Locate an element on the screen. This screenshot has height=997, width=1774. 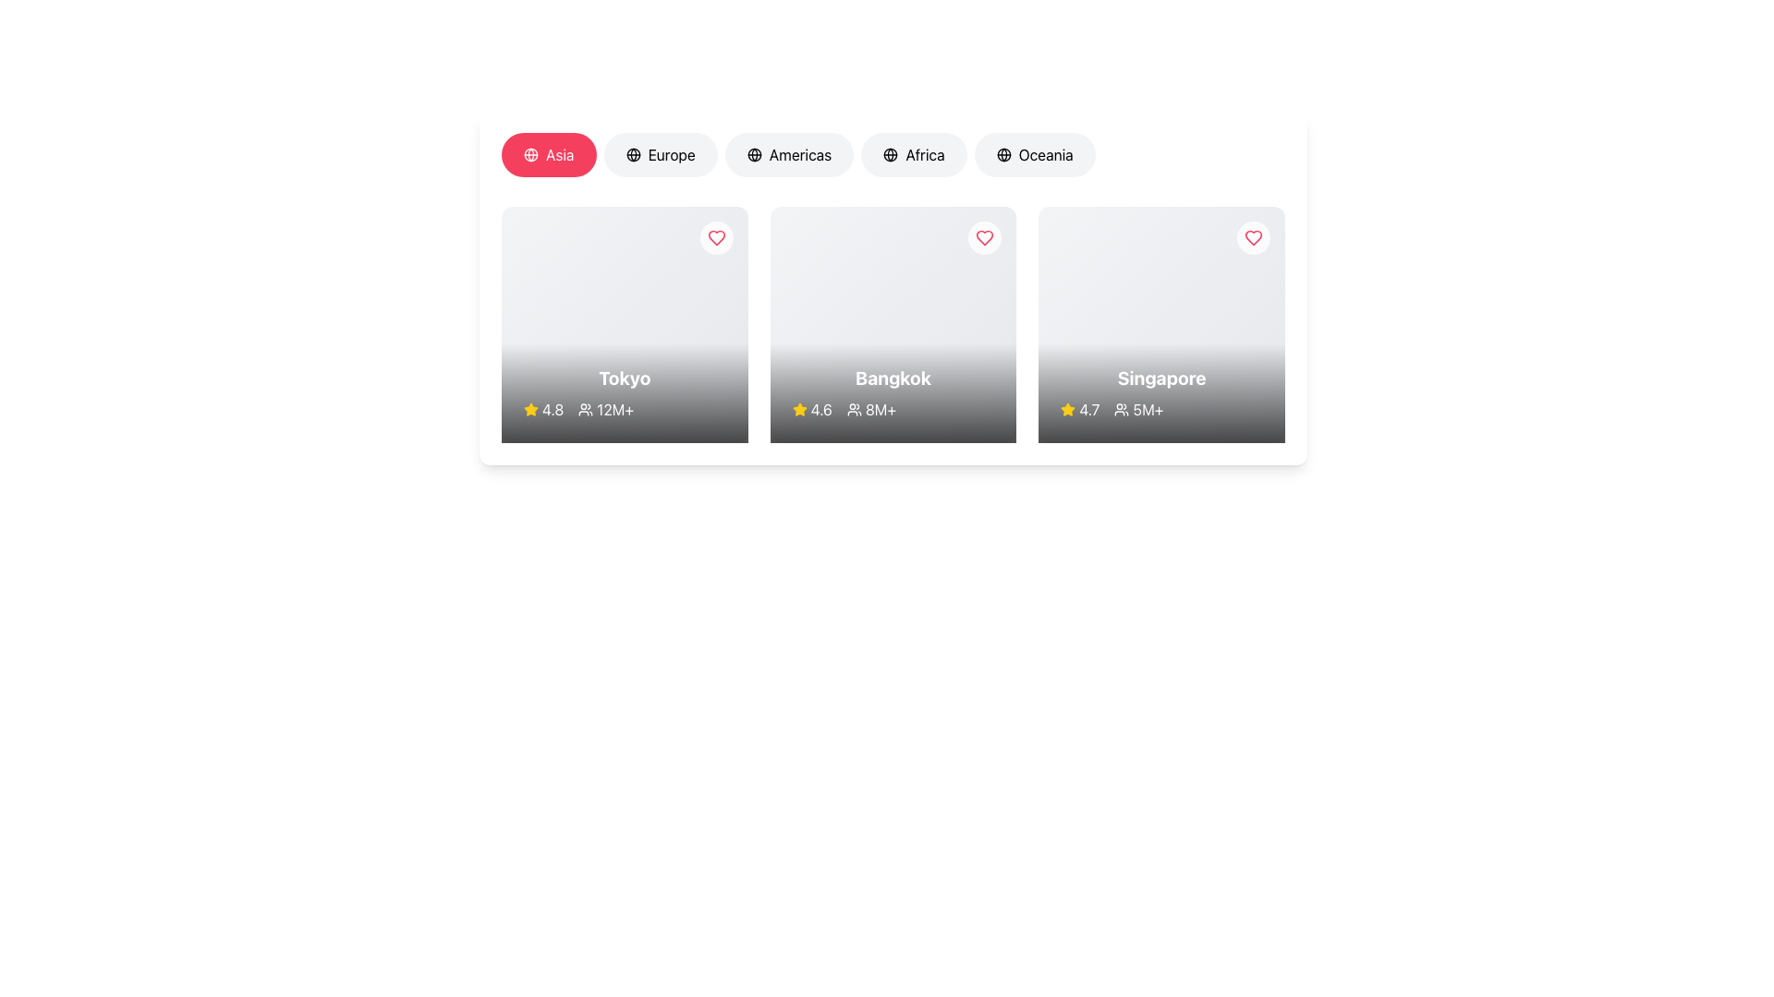
the globe icon within the red button labeled 'Asia' located in the horizontal navigation bar at the top of the section is located at coordinates (530, 154).